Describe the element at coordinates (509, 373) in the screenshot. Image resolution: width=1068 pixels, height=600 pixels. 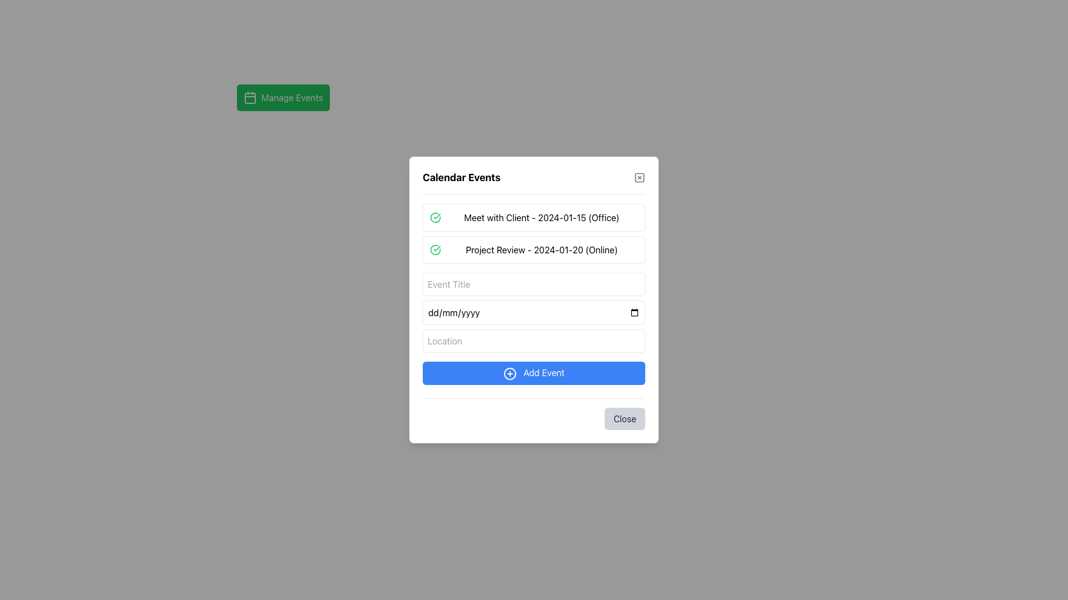
I see `the icon within the blue 'Add Event' button, which signifies the action of adding an event` at that location.